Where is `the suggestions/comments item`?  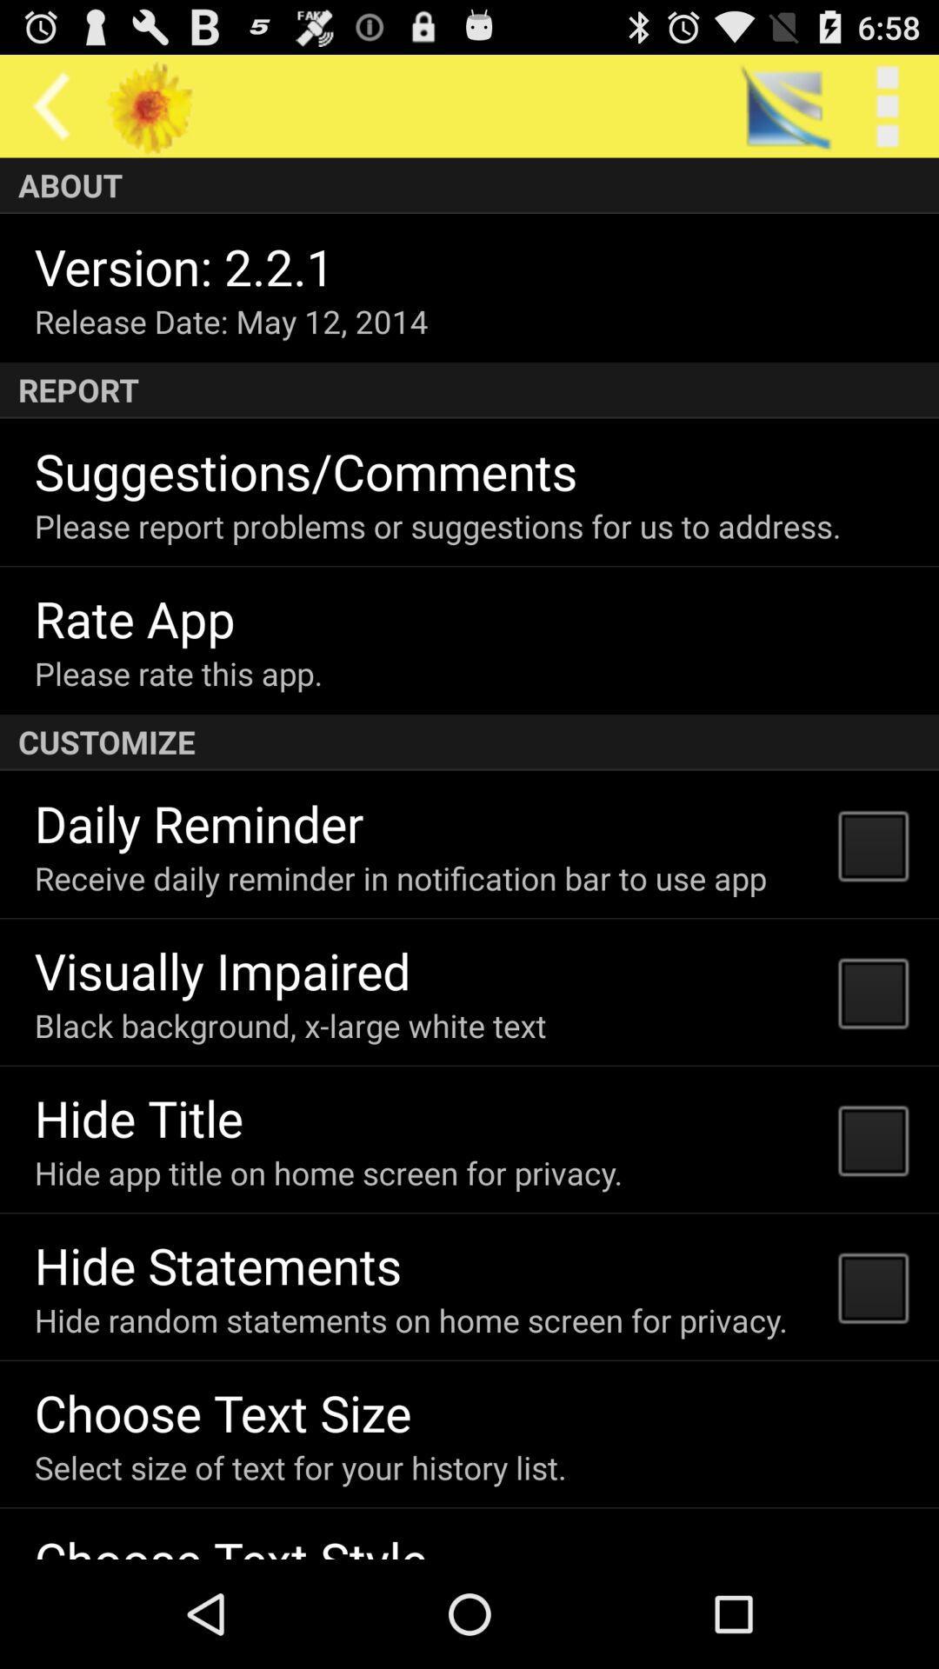 the suggestions/comments item is located at coordinates (305, 470).